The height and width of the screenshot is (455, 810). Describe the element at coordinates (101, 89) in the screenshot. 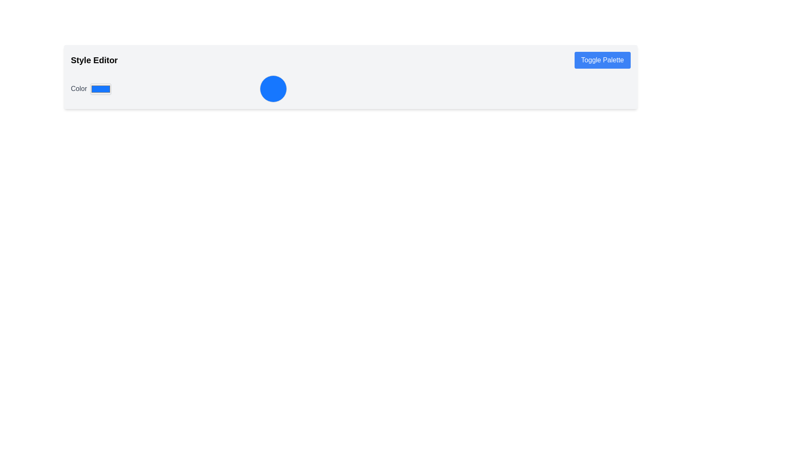

I see `the rectangular color picker input field with a light gray border and blue background` at that location.